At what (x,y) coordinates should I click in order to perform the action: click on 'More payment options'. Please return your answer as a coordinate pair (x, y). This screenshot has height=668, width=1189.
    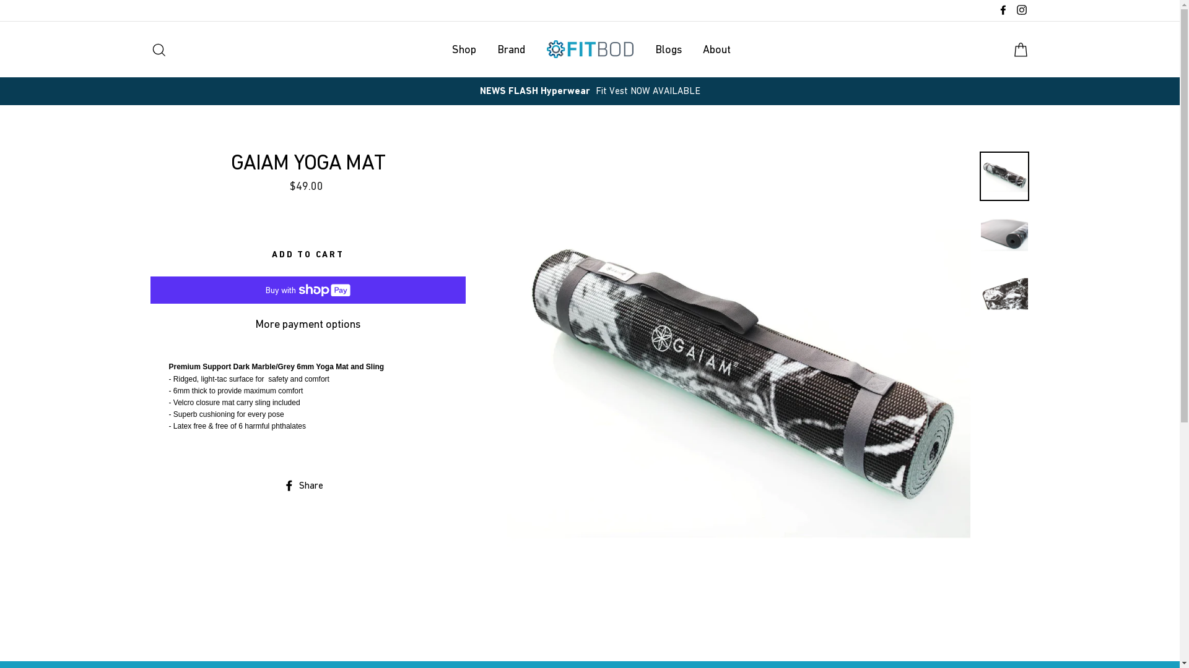
    Looking at the image, I should click on (308, 323).